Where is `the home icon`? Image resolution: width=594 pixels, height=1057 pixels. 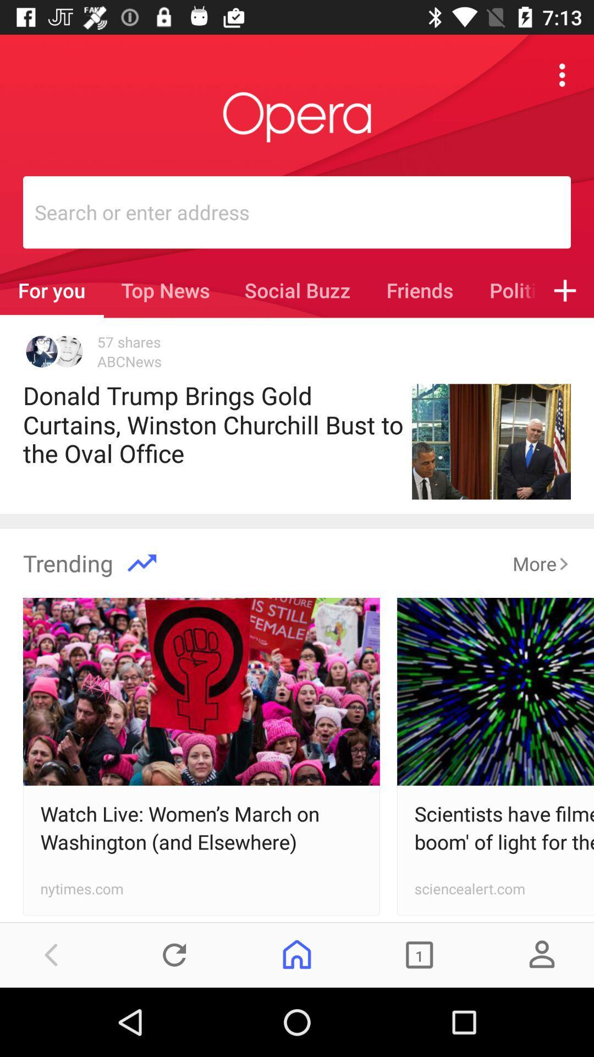
the home icon is located at coordinates (297, 954).